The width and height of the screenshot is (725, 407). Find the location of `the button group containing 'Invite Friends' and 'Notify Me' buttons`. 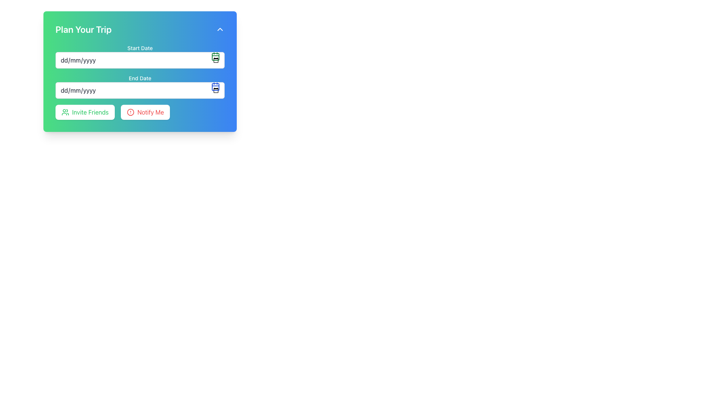

the button group containing 'Invite Friends' and 'Notify Me' buttons is located at coordinates (140, 112).